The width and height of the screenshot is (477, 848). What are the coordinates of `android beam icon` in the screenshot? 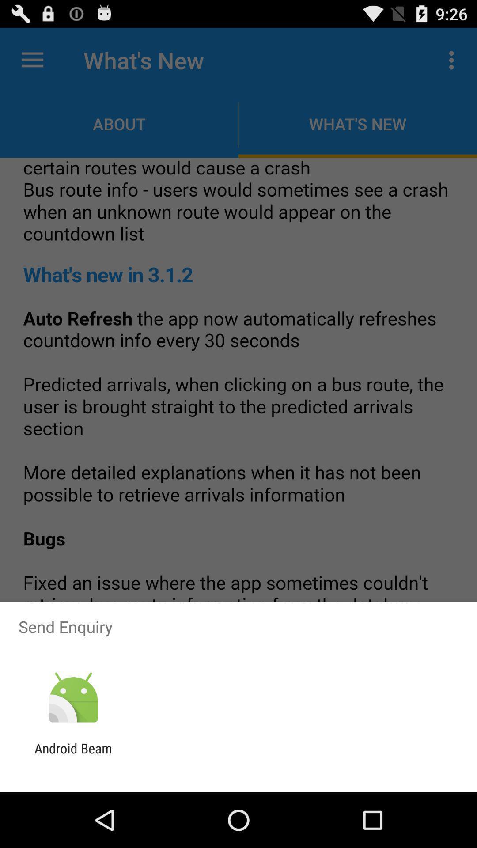 It's located at (73, 756).